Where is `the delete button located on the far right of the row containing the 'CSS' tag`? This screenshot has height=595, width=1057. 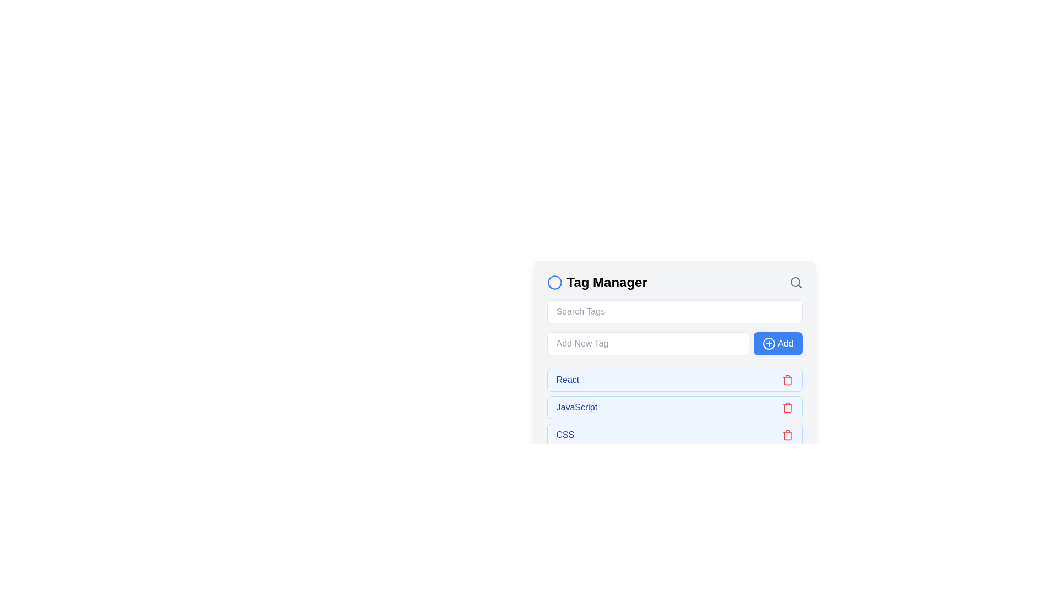 the delete button located on the far right of the row containing the 'CSS' tag is located at coordinates (787, 435).